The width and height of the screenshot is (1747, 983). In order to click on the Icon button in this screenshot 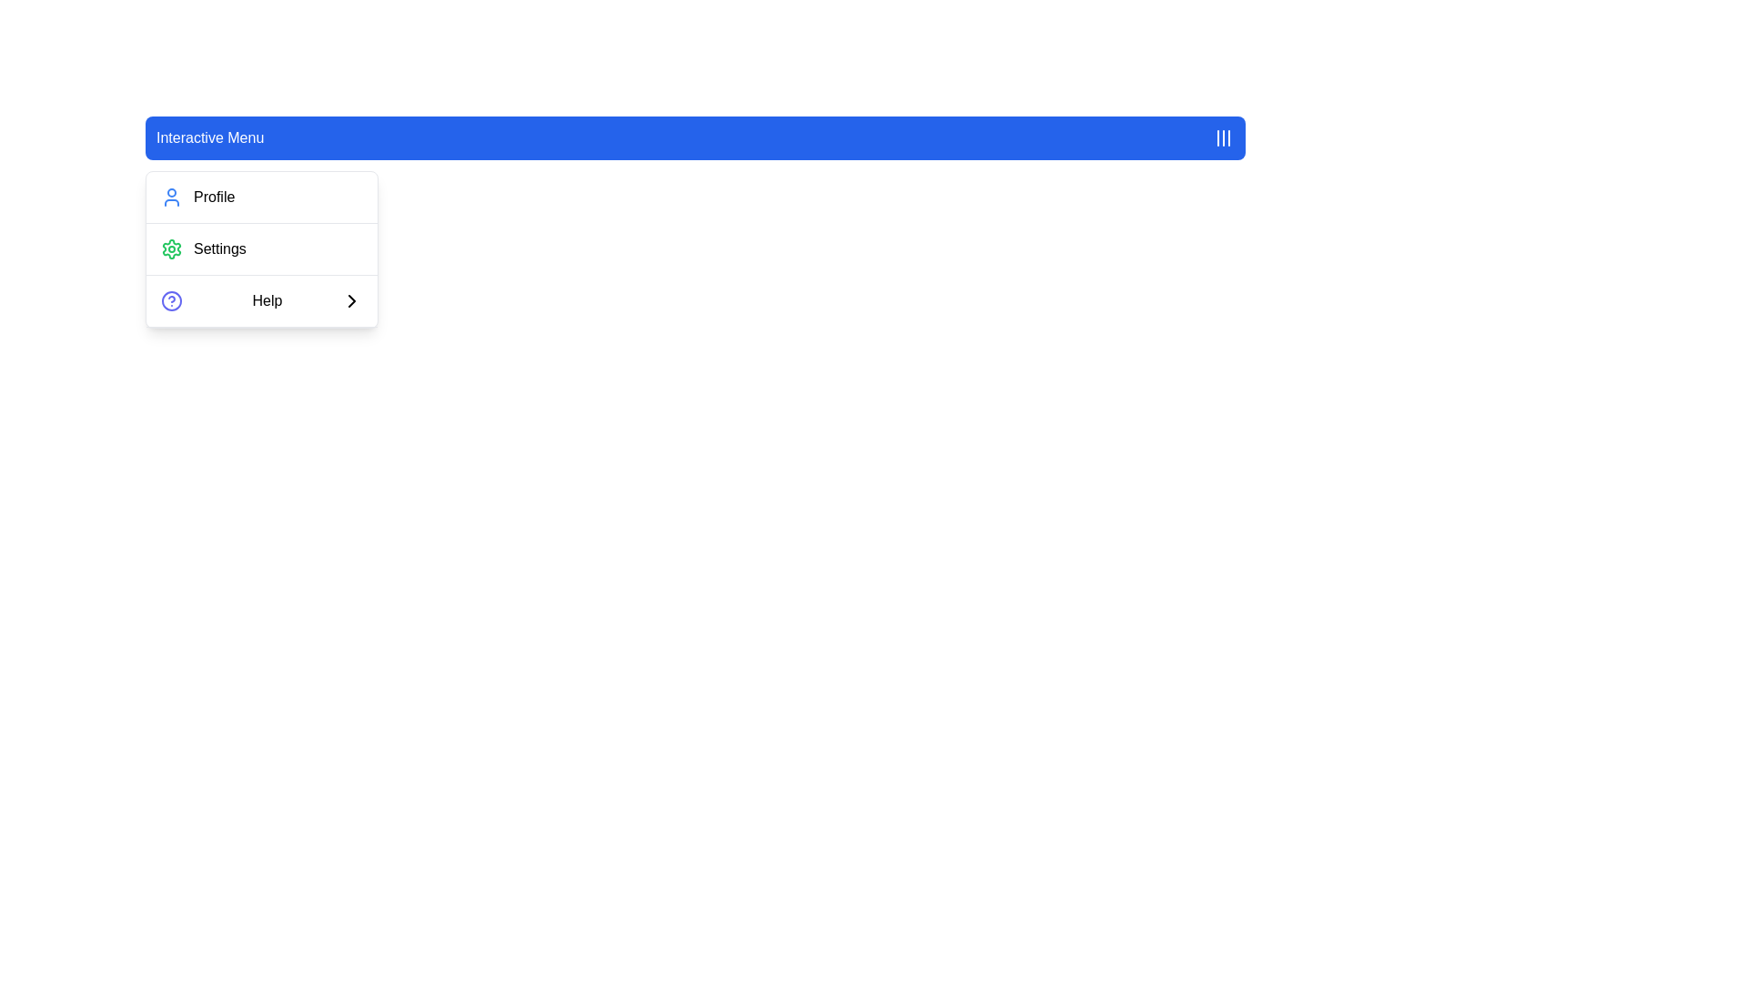, I will do `click(1223, 137)`.